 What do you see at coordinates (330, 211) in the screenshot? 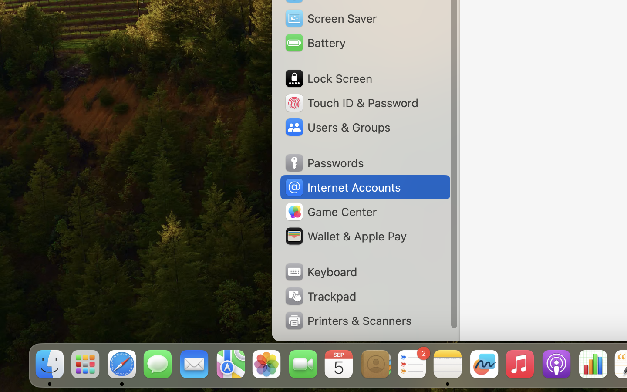
I see `'Game Center'` at bounding box center [330, 211].